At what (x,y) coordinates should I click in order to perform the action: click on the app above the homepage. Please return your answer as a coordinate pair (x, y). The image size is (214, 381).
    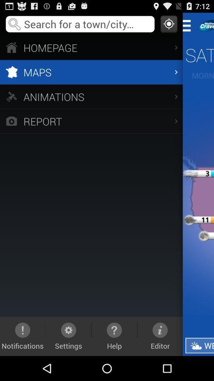
    Looking at the image, I should click on (168, 23).